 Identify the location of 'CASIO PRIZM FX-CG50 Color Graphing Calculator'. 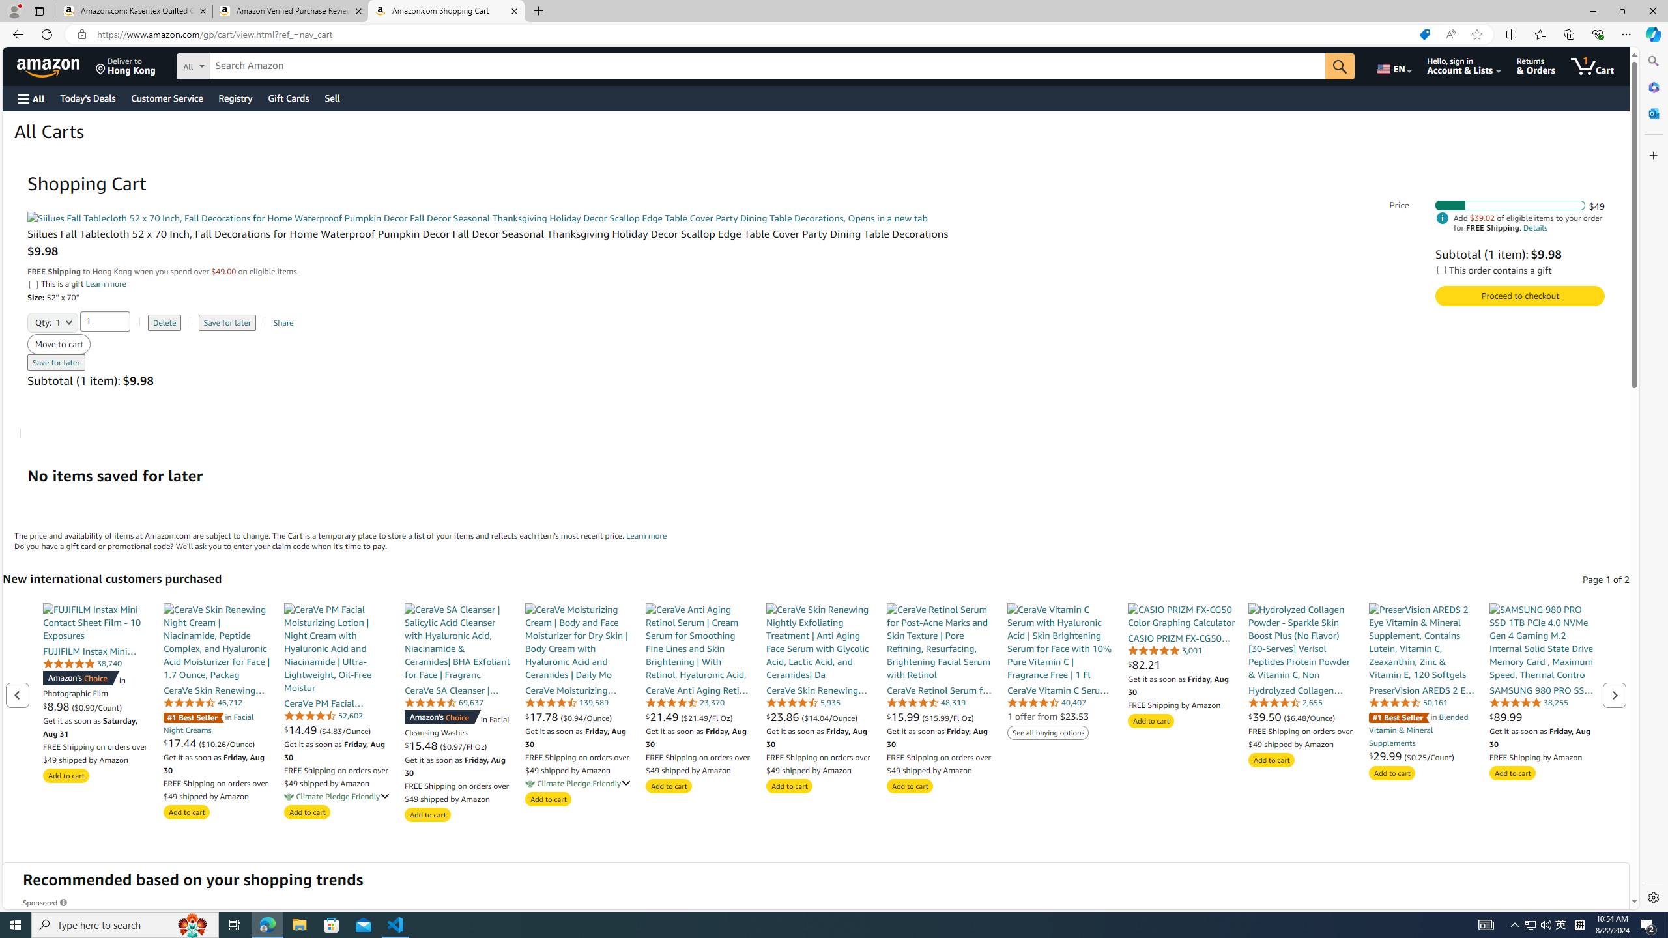
(1181, 616).